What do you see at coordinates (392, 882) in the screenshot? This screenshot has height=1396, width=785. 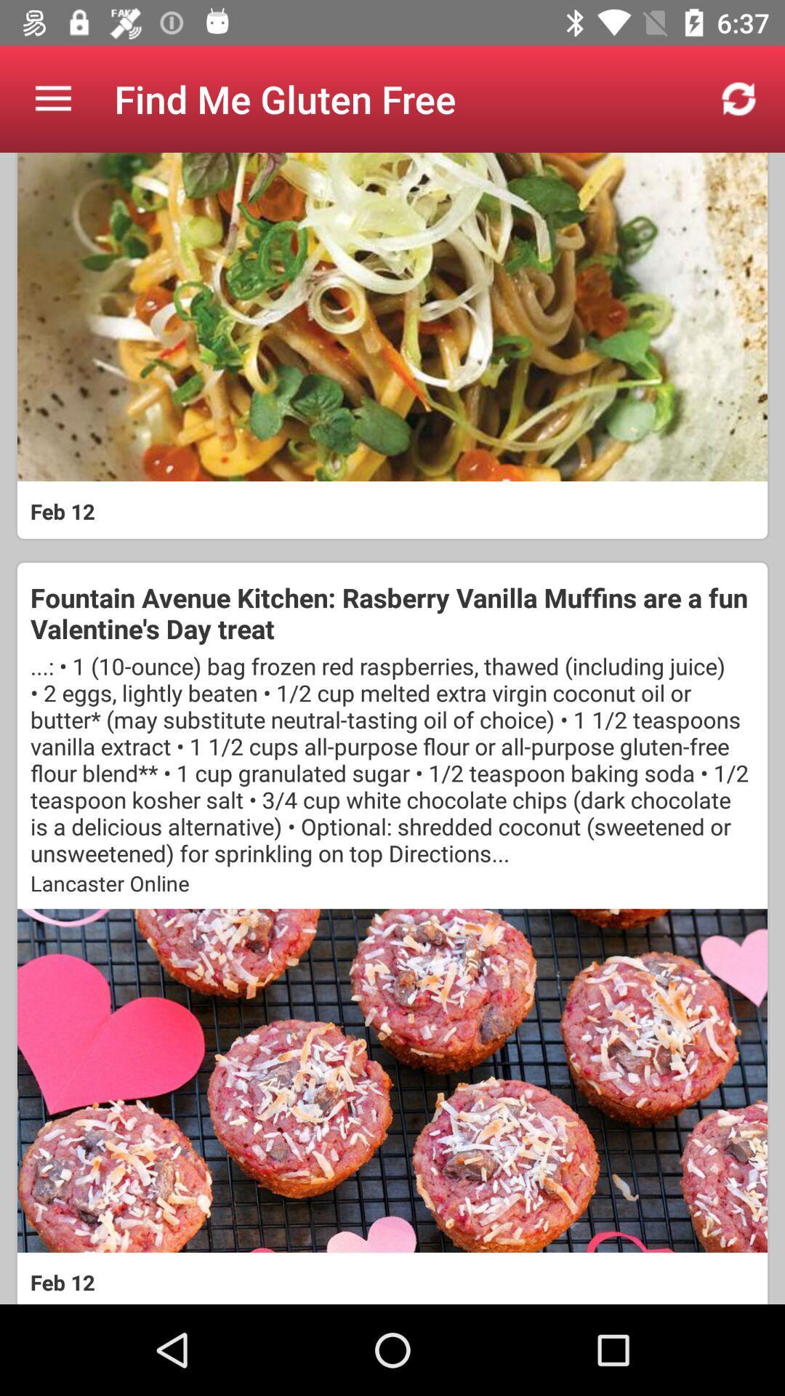 I see `the icon below the 1 10 ounce item` at bounding box center [392, 882].